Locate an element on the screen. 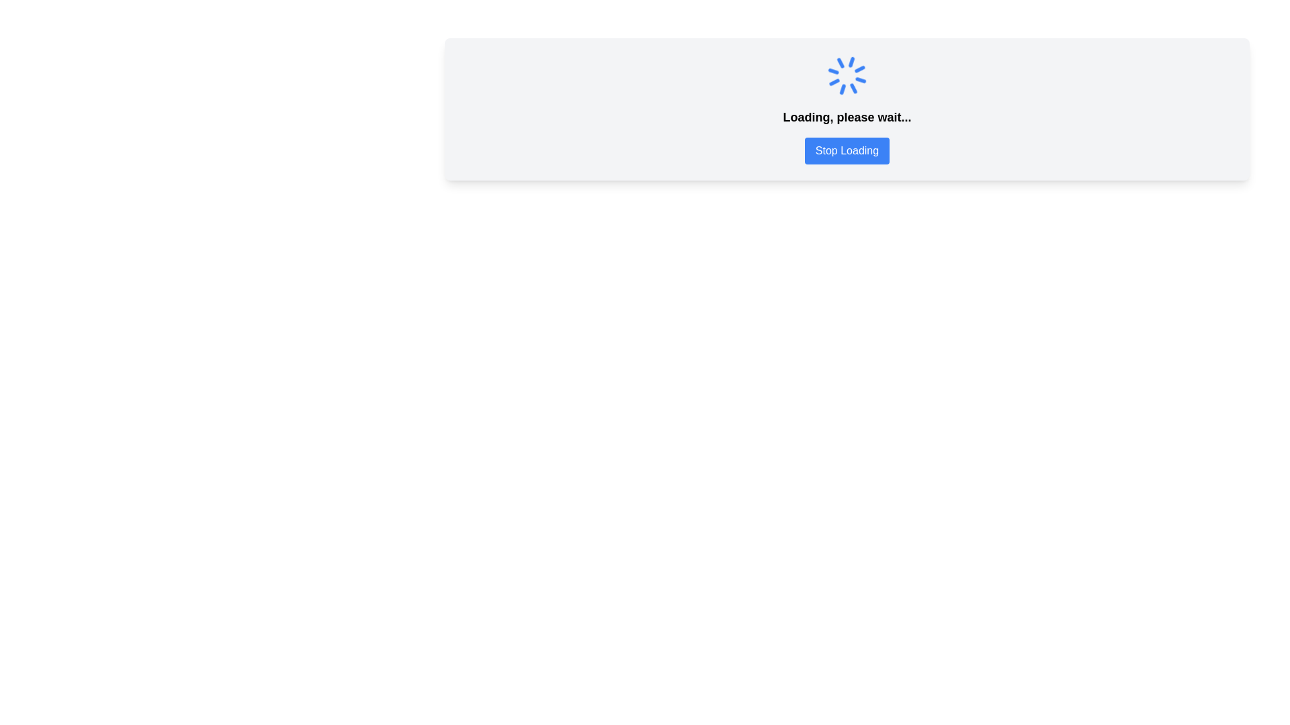 This screenshot has width=1290, height=725. the straight vertical line of the animated loader icon, which is positioned at the six o'clock position within the circular spinner graphic is located at coordinates (841, 62).